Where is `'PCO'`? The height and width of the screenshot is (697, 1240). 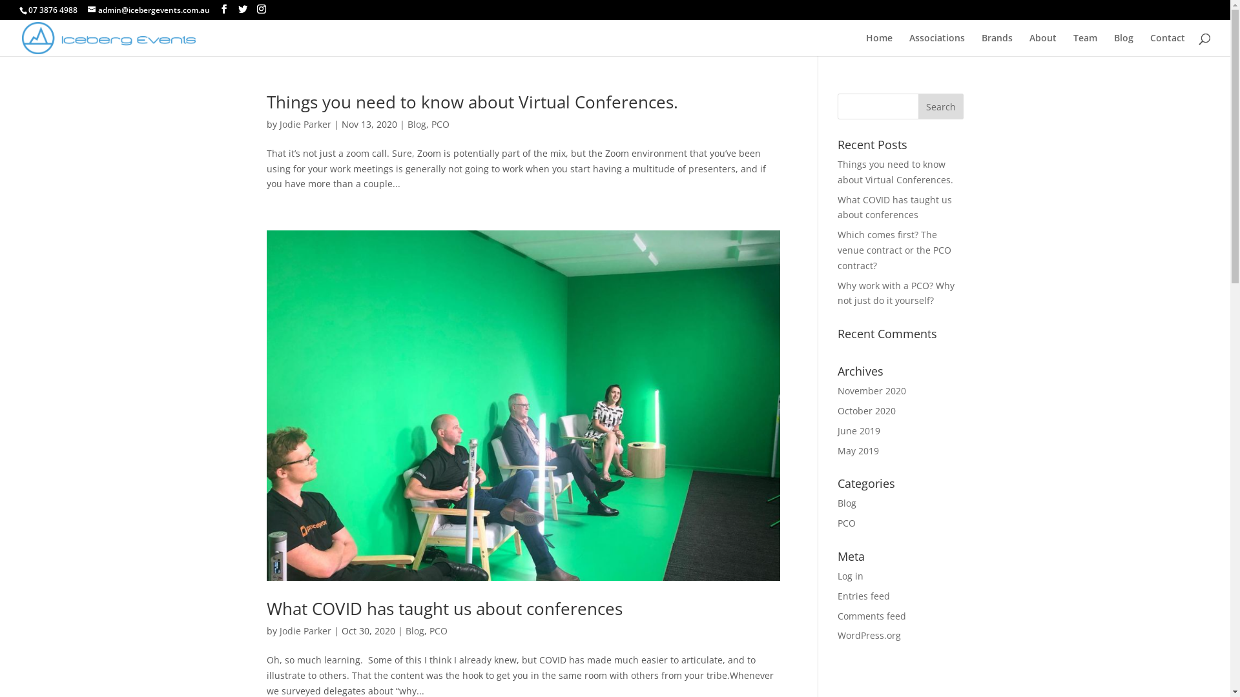
'PCO' is located at coordinates (440, 124).